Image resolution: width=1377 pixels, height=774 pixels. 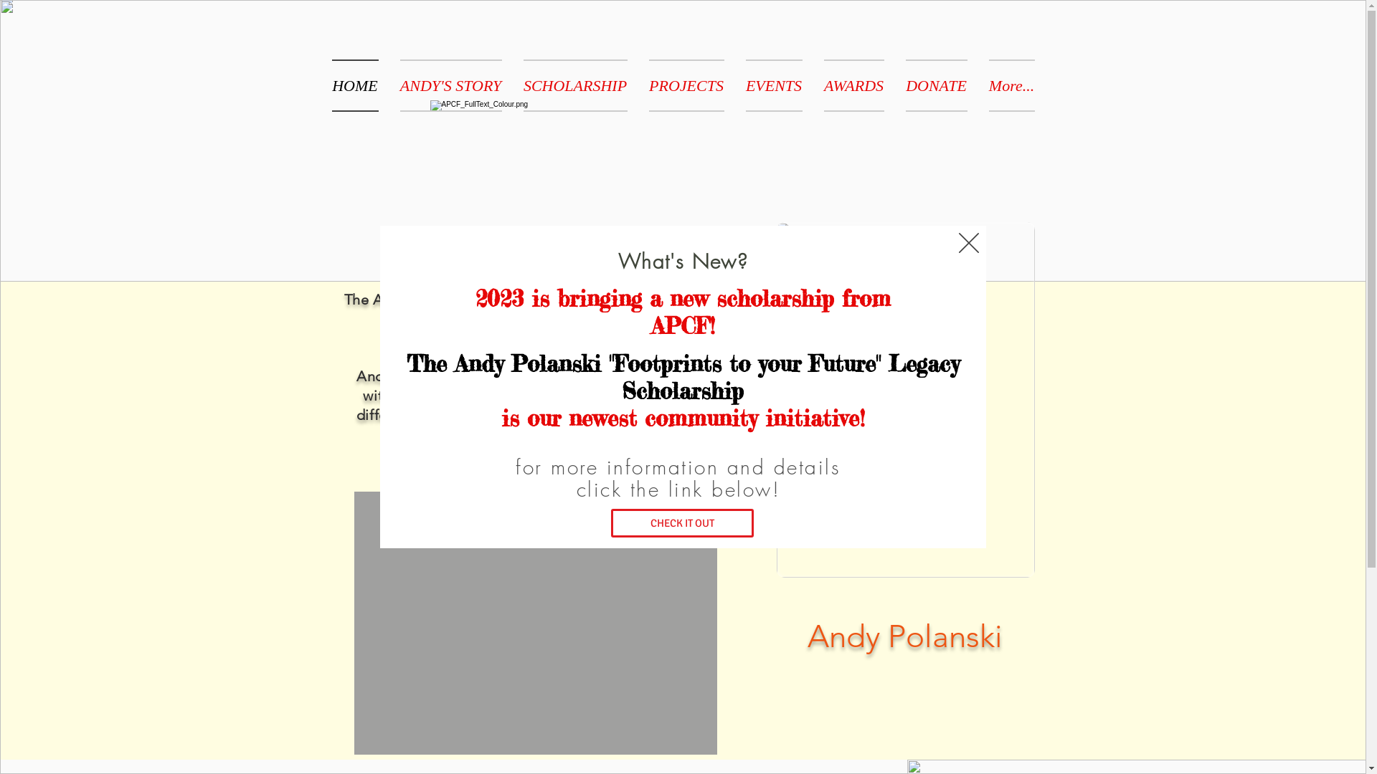 What do you see at coordinates (813, 85) in the screenshot?
I see `'AWARDS'` at bounding box center [813, 85].